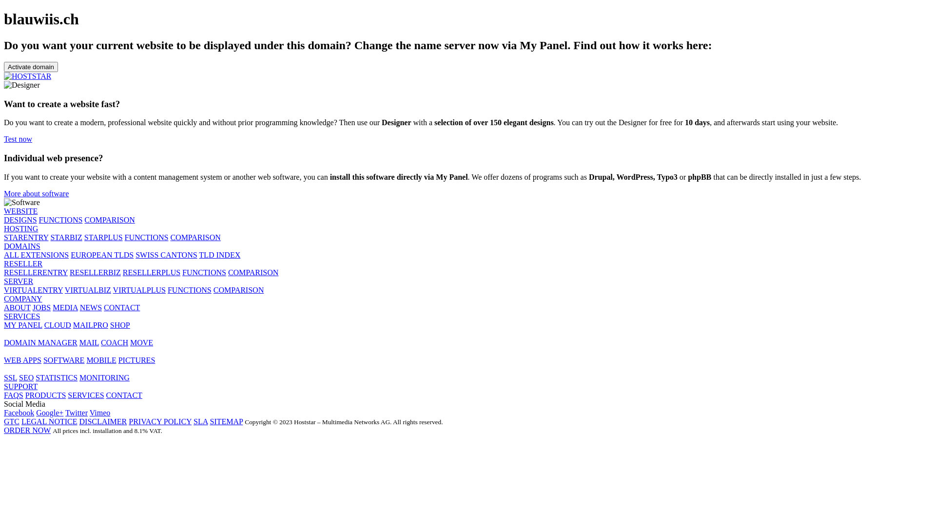 The width and height of the screenshot is (936, 526). Describe the element at coordinates (166, 254) in the screenshot. I see `'SWISS CANTONS'` at that location.